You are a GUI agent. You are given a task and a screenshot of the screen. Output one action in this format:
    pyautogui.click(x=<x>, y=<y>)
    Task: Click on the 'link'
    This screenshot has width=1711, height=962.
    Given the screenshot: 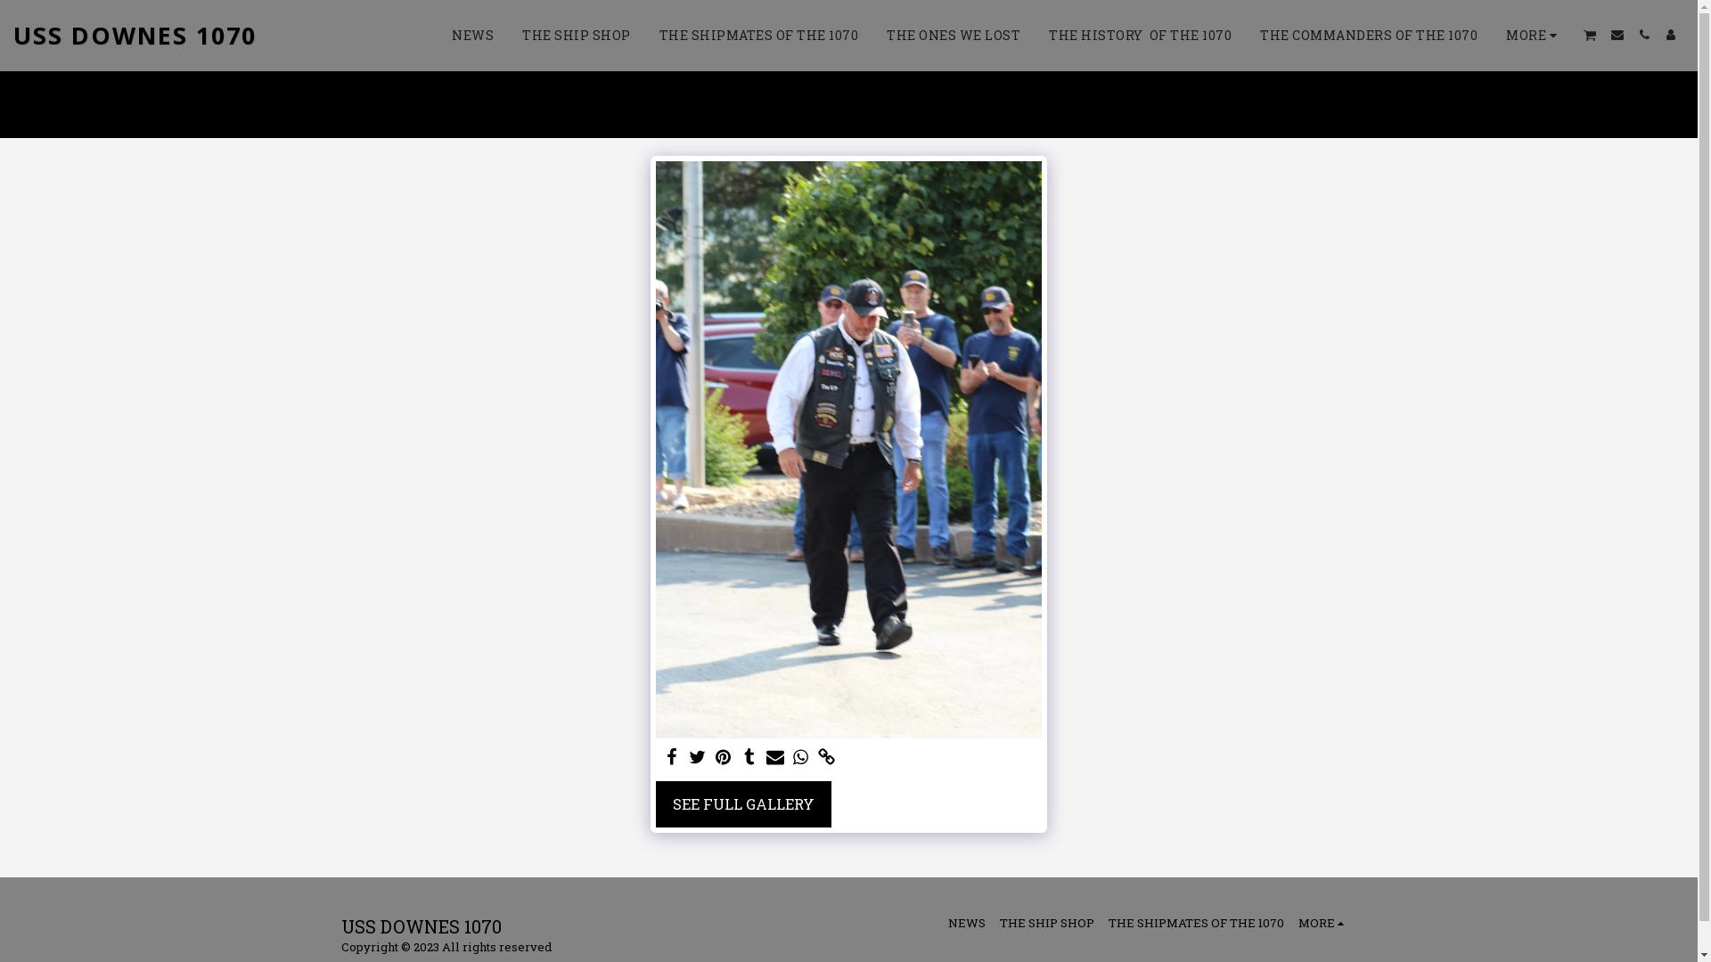 What is the action you would take?
    pyautogui.click(x=825, y=758)
    